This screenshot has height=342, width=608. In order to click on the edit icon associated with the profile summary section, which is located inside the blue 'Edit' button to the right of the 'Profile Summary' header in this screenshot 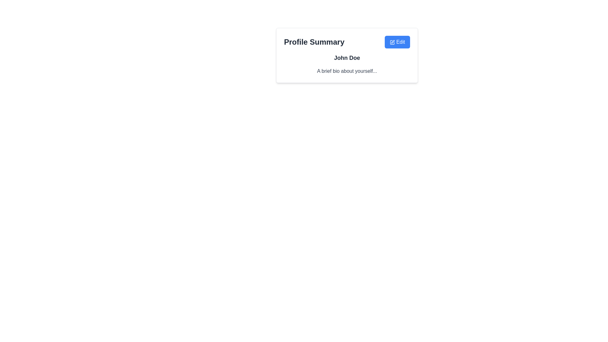, I will do `click(392, 42)`.